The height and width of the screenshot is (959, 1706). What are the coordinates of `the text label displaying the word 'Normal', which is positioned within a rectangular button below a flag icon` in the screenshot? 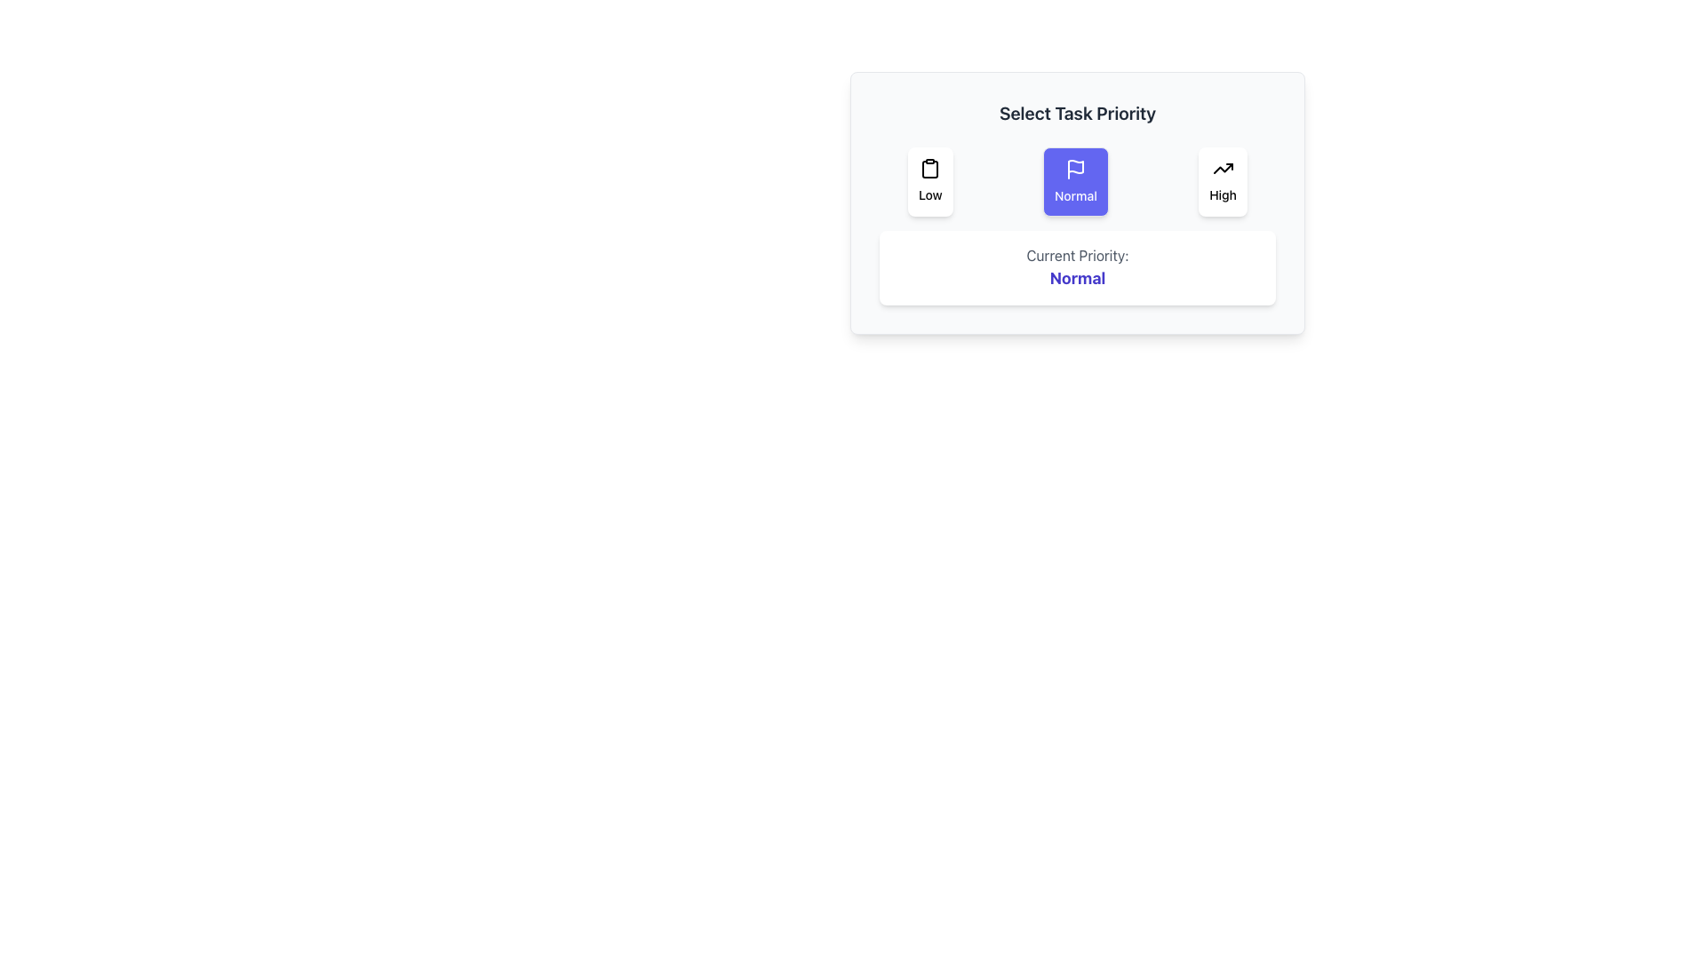 It's located at (1074, 195).